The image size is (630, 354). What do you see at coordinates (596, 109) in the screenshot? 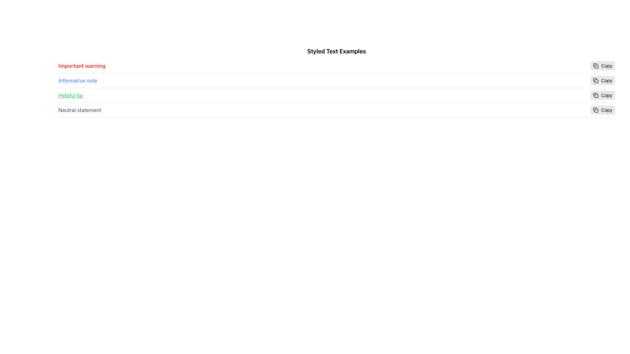
I see `the SVG icon resembling a pair of overlapping documents within the 'Copy' button located at the far-right end of the fourth row labeled 'Neutral statement'` at bounding box center [596, 109].